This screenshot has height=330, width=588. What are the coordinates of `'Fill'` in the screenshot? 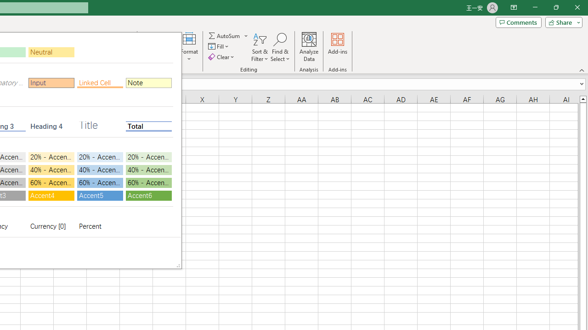 It's located at (219, 46).